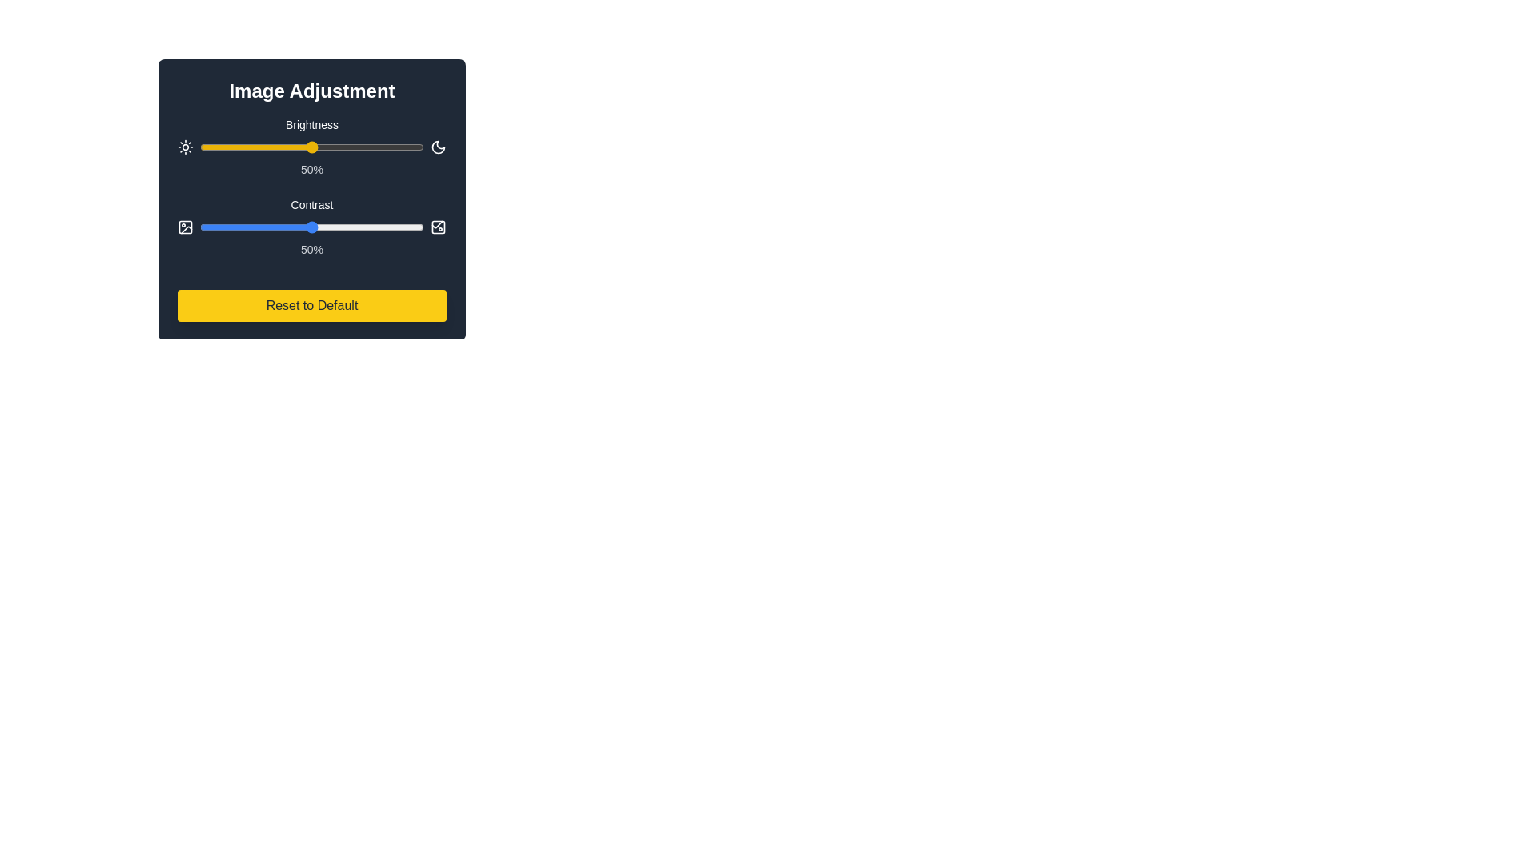 The height and width of the screenshot is (865, 1537). I want to click on the brightness, so click(274, 147).